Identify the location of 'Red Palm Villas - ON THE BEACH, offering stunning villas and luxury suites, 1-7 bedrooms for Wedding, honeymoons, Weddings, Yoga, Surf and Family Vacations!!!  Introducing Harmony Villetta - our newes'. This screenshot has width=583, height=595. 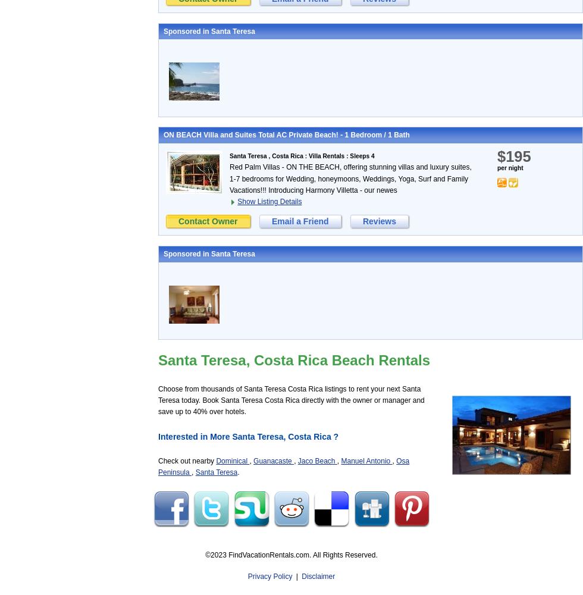
(350, 178).